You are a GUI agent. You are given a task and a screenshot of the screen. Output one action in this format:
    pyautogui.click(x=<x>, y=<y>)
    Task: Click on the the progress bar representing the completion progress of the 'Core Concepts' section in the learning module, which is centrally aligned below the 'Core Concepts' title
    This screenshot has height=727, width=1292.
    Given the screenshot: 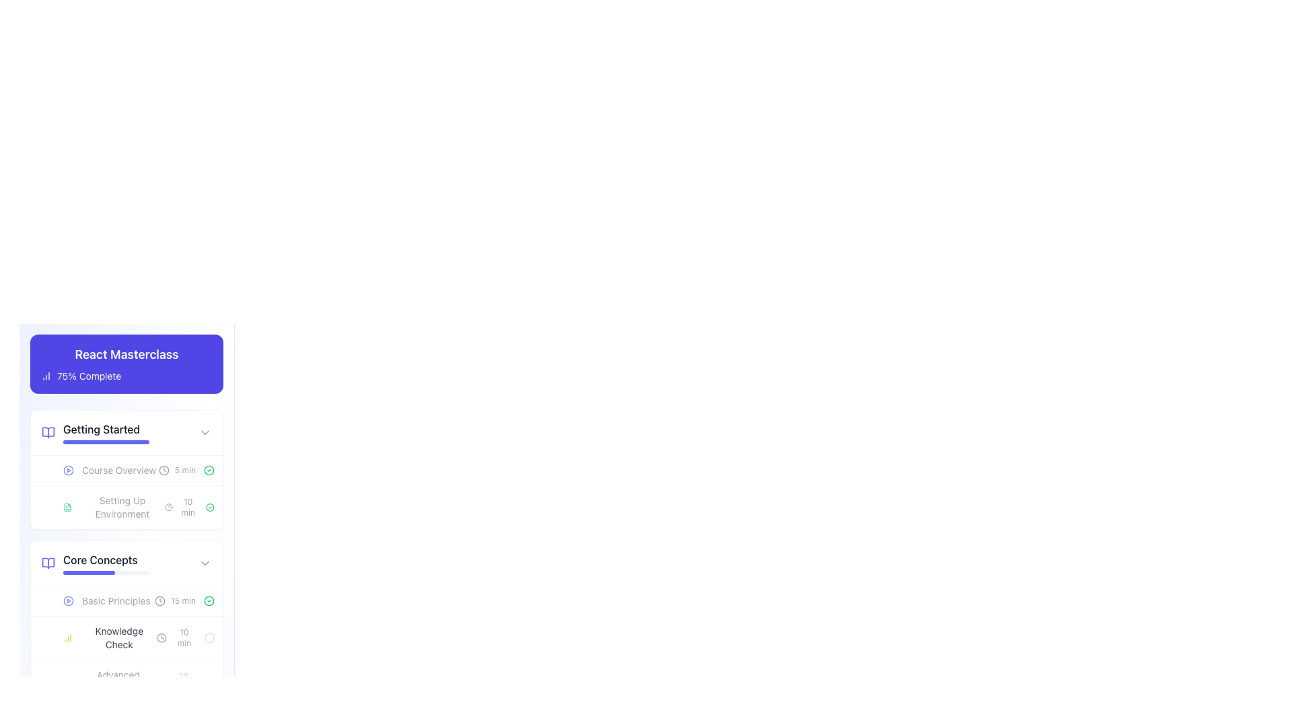 What is the action you would take?
    pyautogui.click(x=106, y=573)
    